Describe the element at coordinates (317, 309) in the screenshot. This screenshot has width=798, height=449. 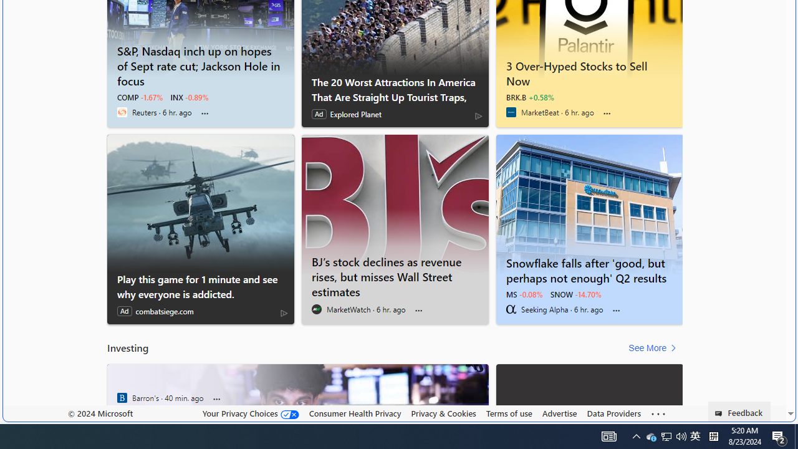
I see `'MarketWatch'` at that location.